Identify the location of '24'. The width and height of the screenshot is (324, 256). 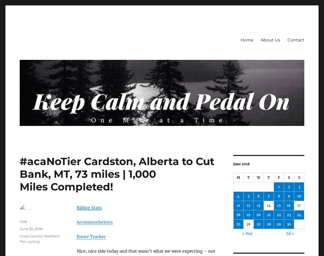
(299, 215).